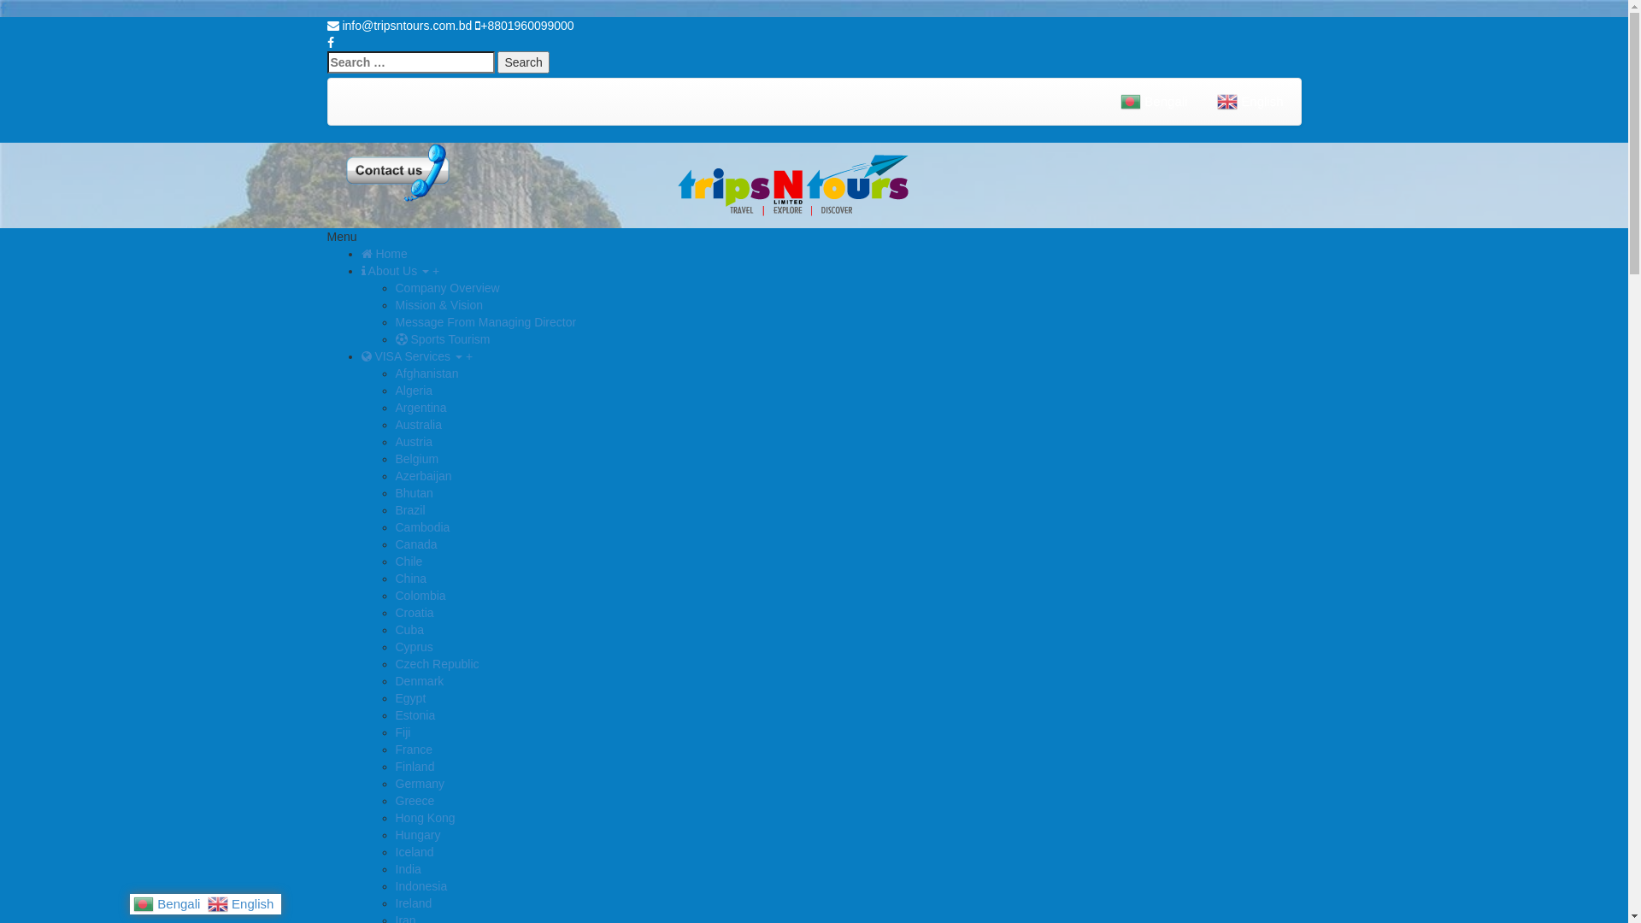 Image resolution: width=1641 pixels, height=923 pixels. What do you see at coordinates (419, 680) in the screenshot?
I see `'Denmark'` at bounding box center [419, 680].